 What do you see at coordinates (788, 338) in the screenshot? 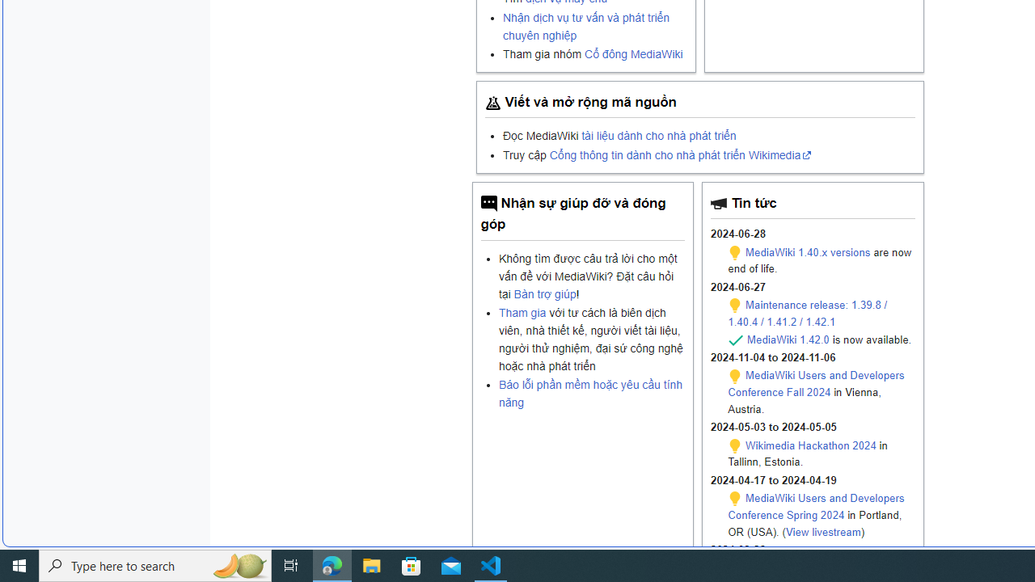
I see `'MediaWiki 1.42.0'` at bounding box center [788, 338].